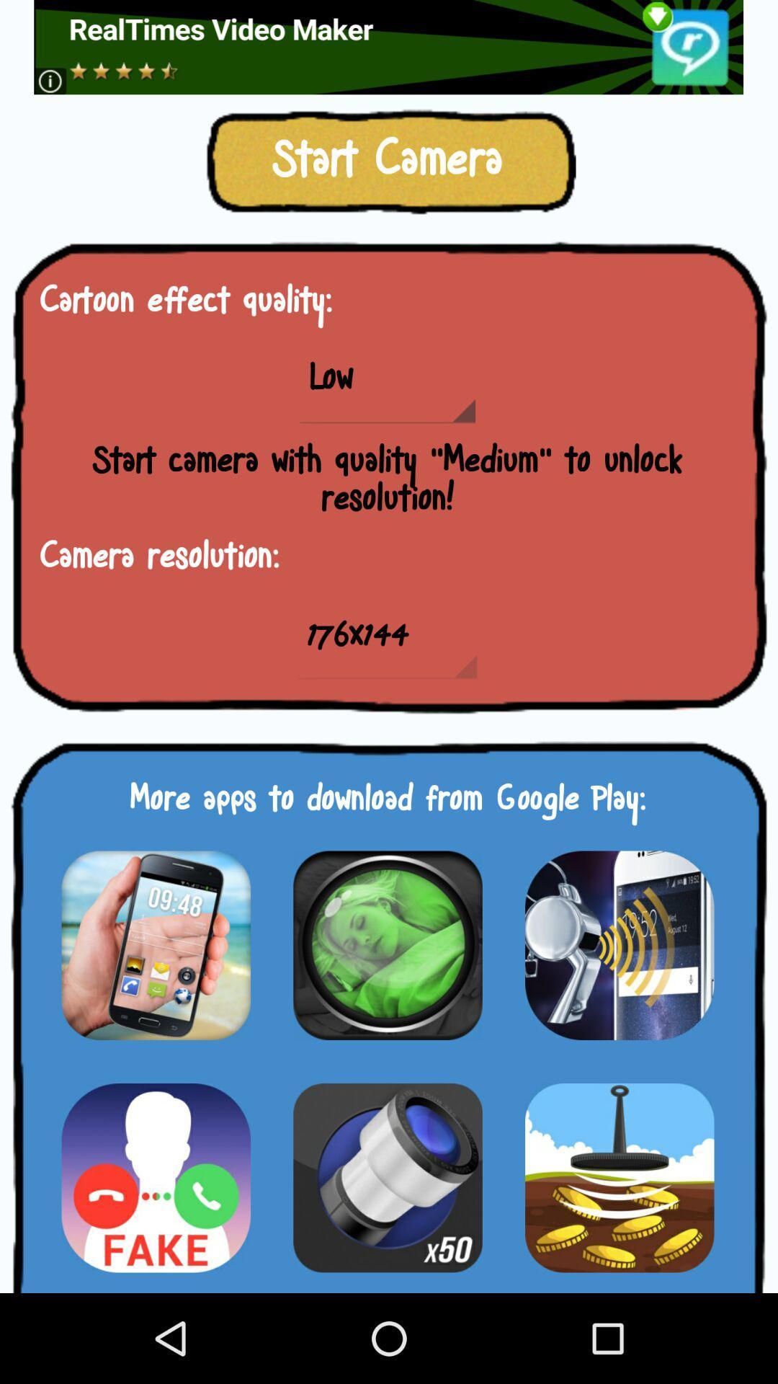  What do you see at coordinates (619, 945) in the screenshot?
I see `app` at bounding box center [619, 945].